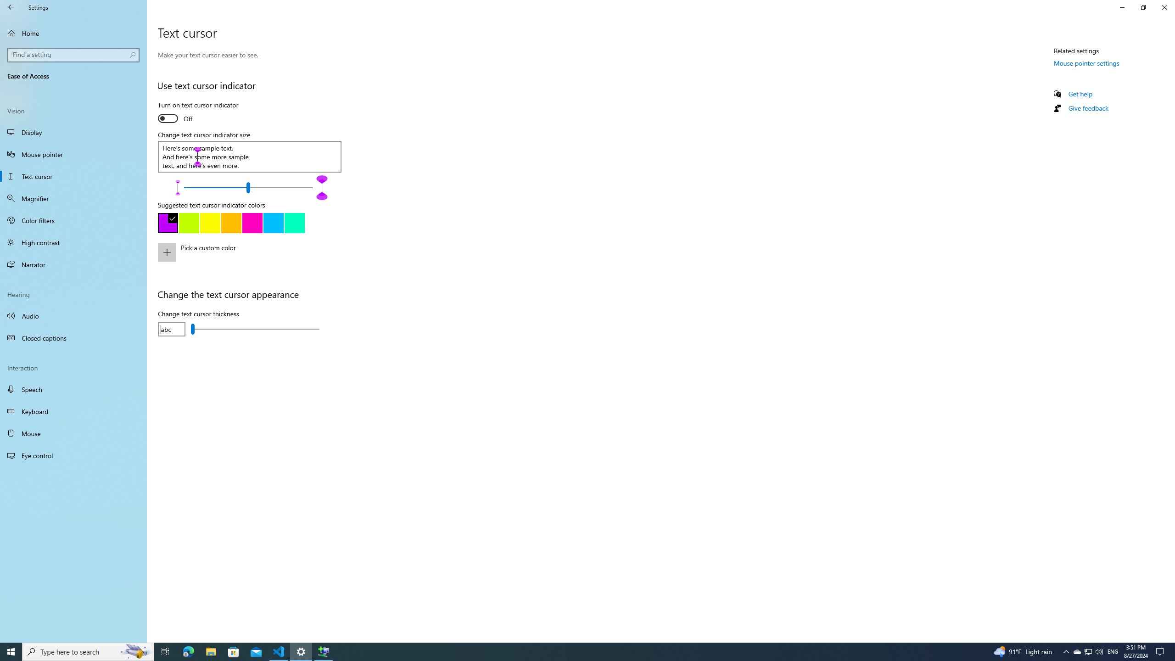 The image size is (1175, 661). I want to click on 'Running applications', so click(570, 651).